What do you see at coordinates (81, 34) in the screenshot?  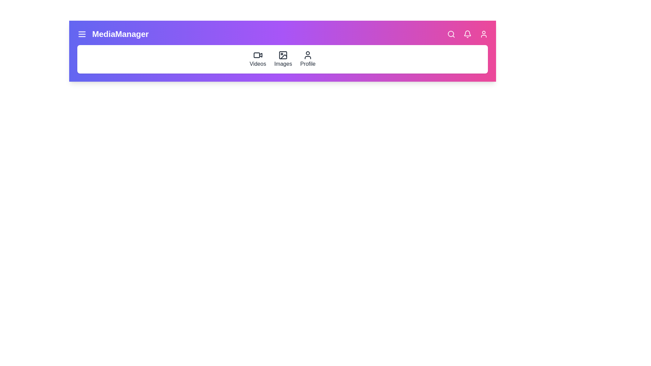 I see `the menu toggle button to toggle the main menu visibility` at bounding box center [81, 34].